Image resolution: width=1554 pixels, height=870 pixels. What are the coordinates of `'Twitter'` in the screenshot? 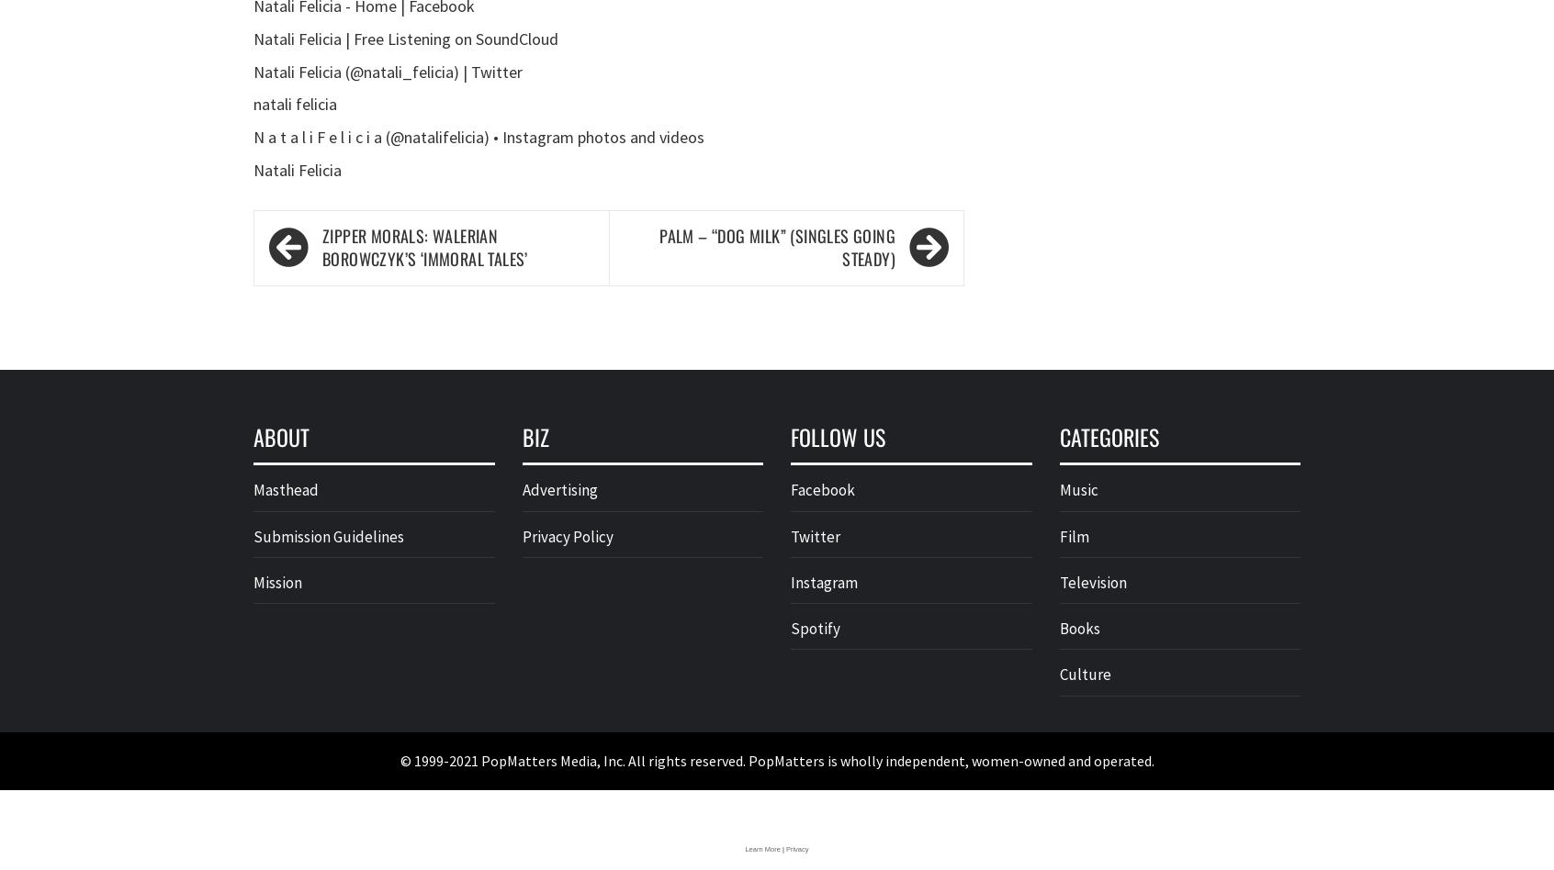 It's located at (814, 535).